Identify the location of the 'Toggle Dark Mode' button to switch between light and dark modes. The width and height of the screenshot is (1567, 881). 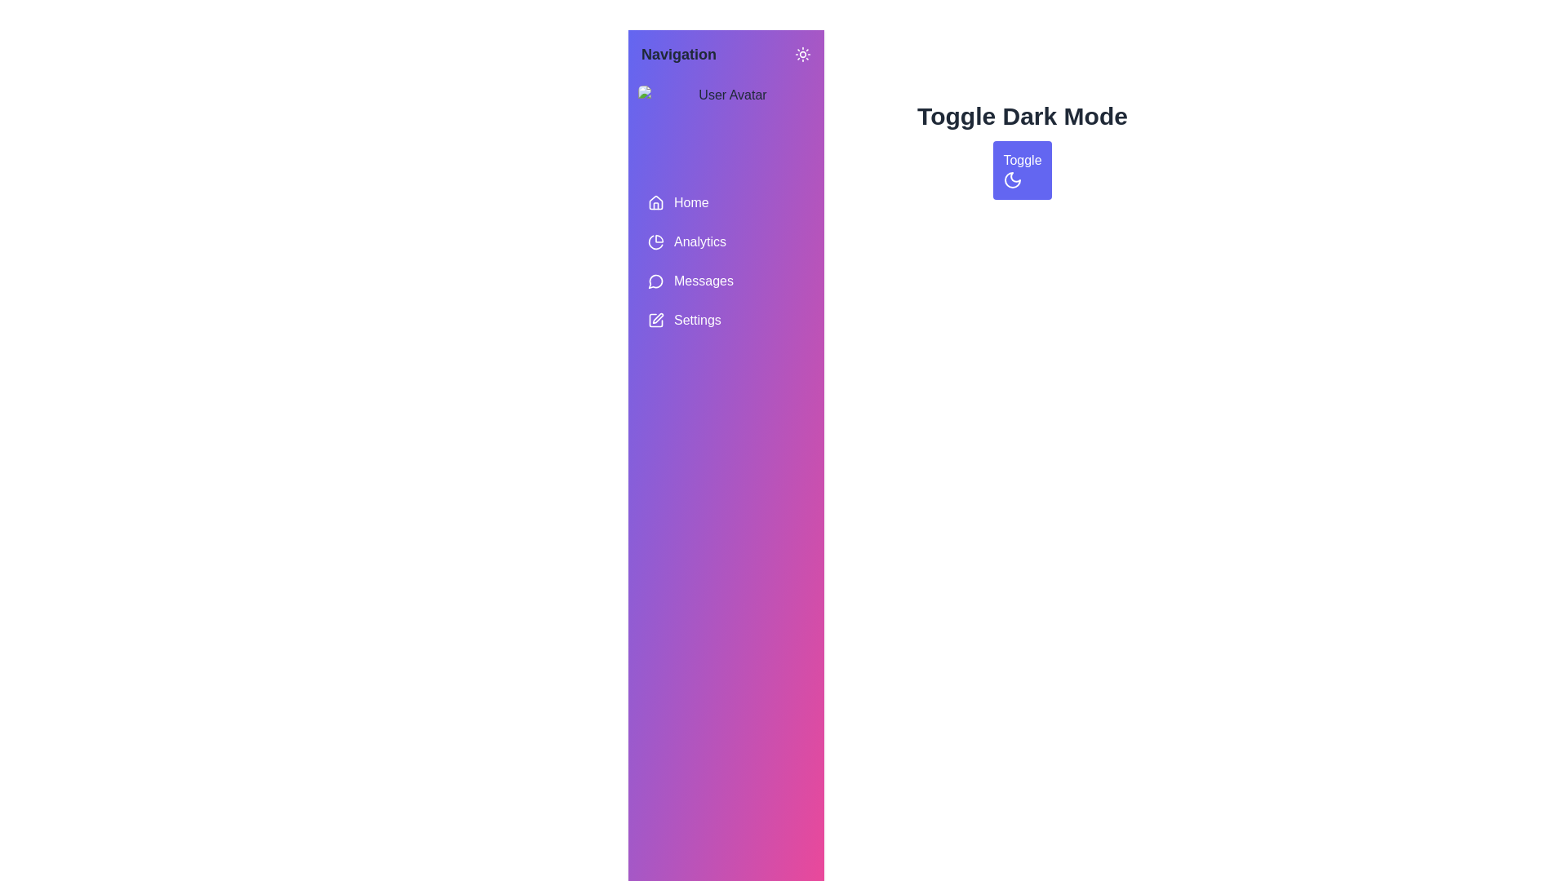
(1021, 170).